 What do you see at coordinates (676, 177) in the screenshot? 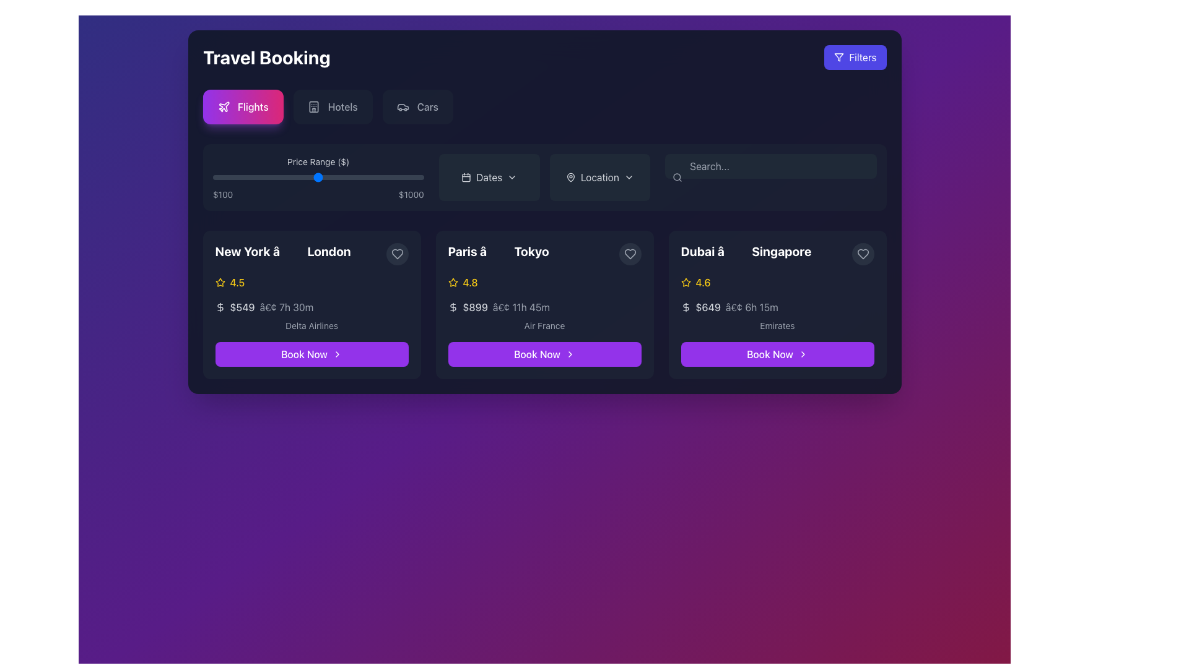
I see `the circular part of the search icon located near the search bar in the flight booking options panel` at bounding box center [676, 177].